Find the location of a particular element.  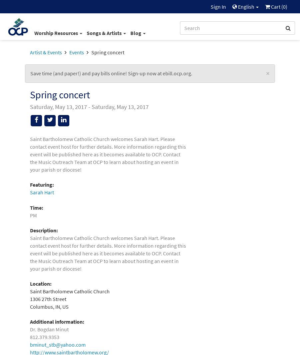

'Dr. Bogdan Minut' is located at coordinates (49, 329).